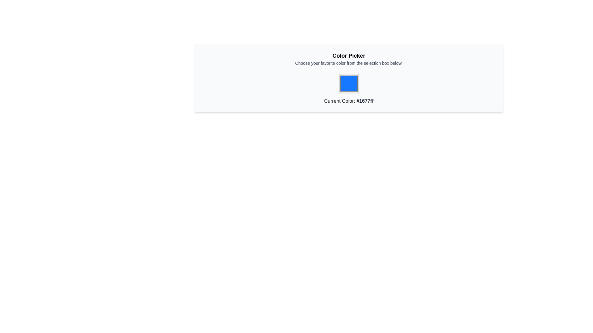 The width and height of the screenshot is (593, 333). Describe the element at coordinates (365, 101) in the screenshot. I see `the static text displaying the hexadecimal color code located to the right of the label 'Current Color:' in the central content area of the interface` at that location.